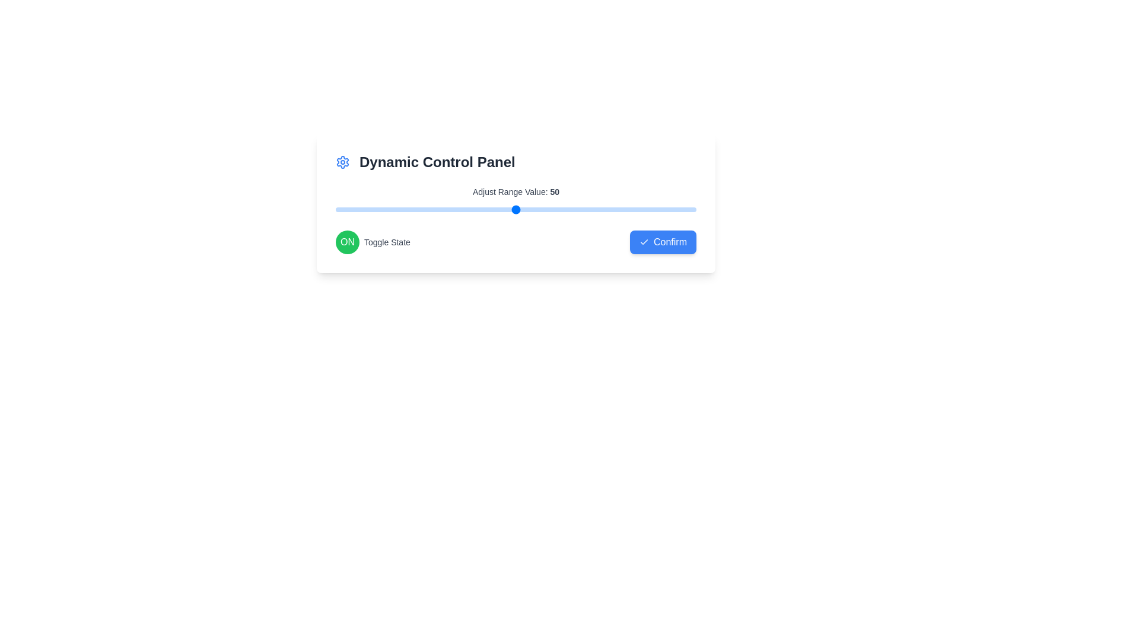 The height and width of the screenshot is (640, 1139). Describe the element at coordinates (617, 209) in the screenshot. I see `the range value` at that location.